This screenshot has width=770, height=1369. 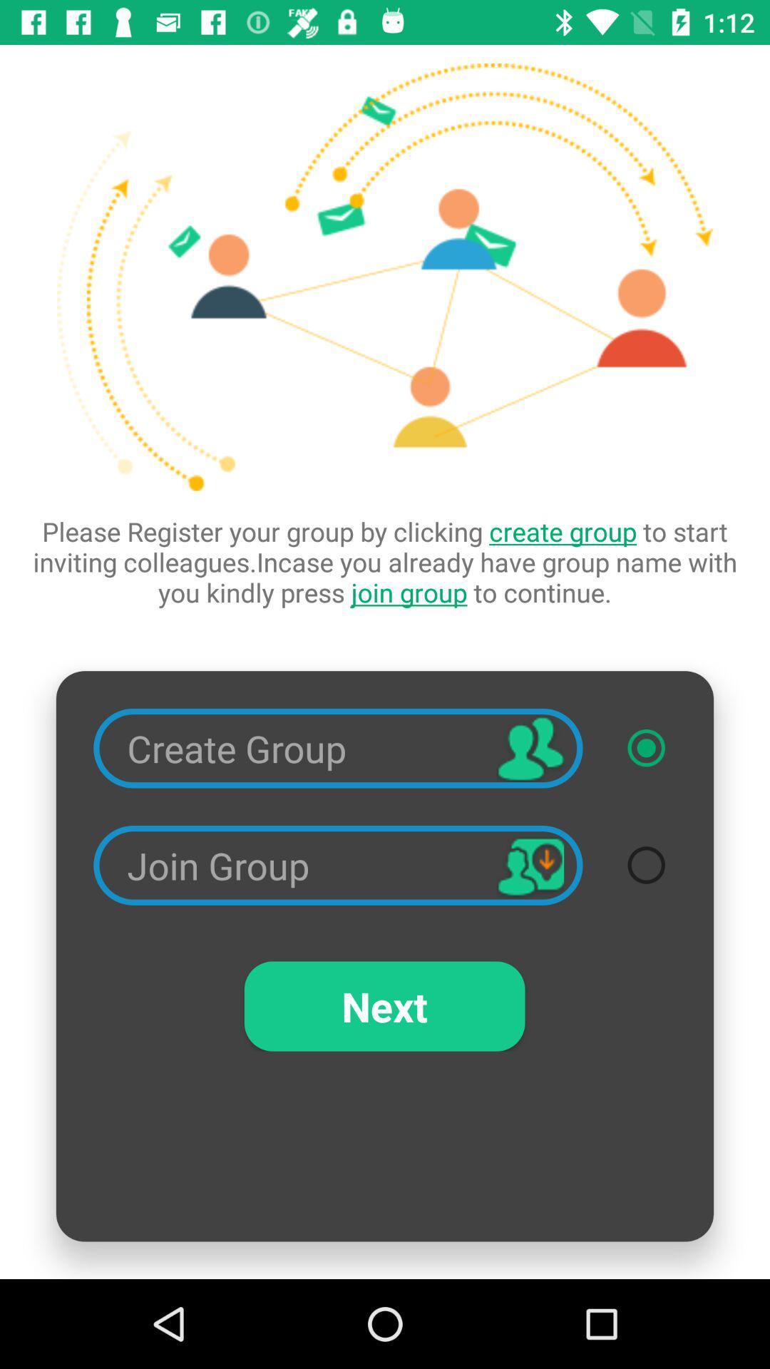 What do you see at coordinates (385, 561) in the screenshot?
I see `icon at the center` at bounding box center [385, 561].